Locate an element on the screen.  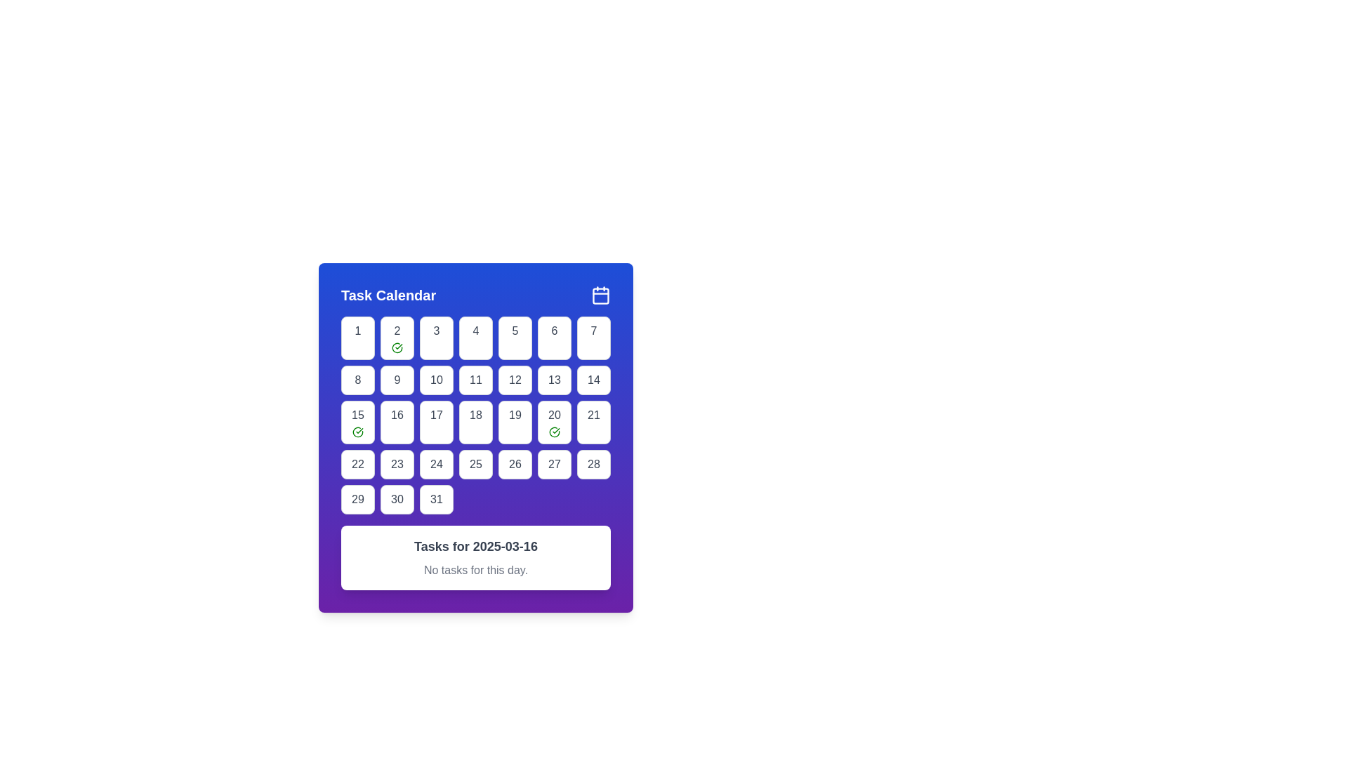
the fourth button in the second row of the calendar grid, which is a white rectangle with rounded corners featuring the number '9' in bold, dark font is located at coordinates (397, 380).